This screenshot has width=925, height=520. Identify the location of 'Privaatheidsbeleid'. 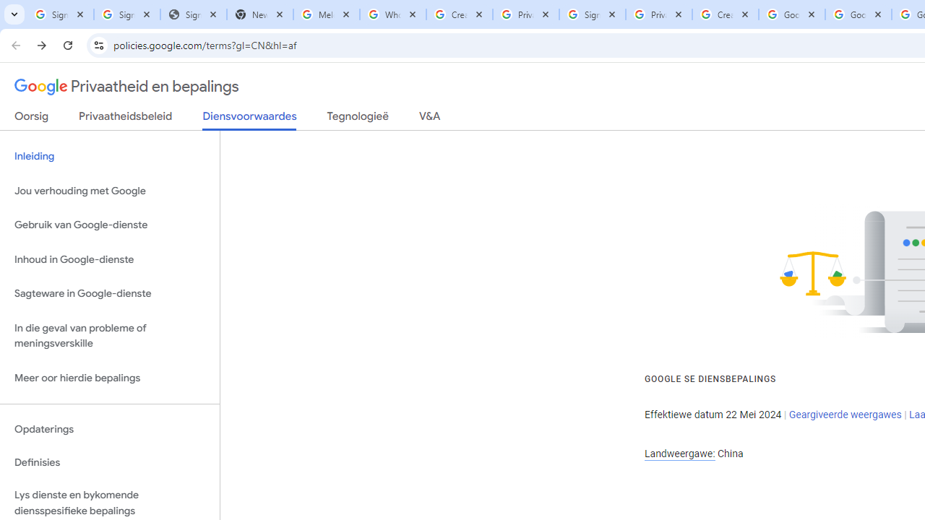
(126, 118).